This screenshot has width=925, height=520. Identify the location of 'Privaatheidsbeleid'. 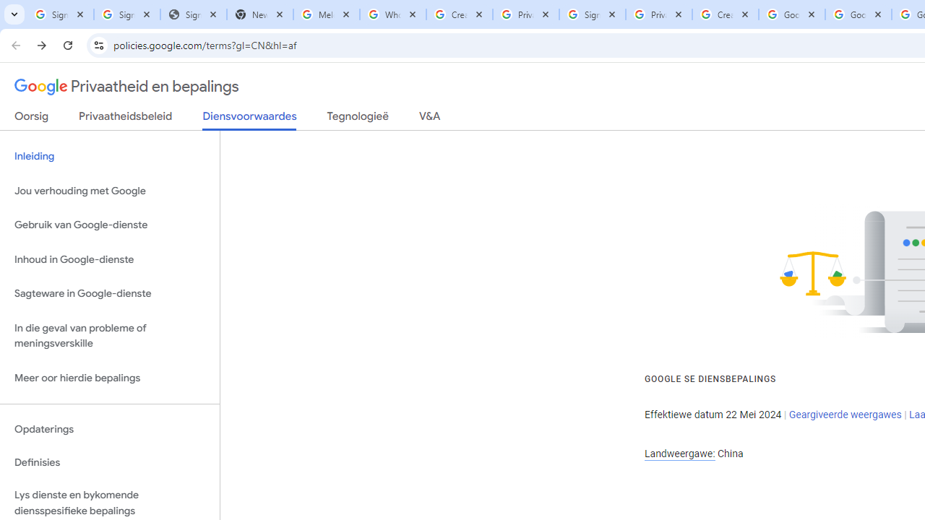
(126, 118).